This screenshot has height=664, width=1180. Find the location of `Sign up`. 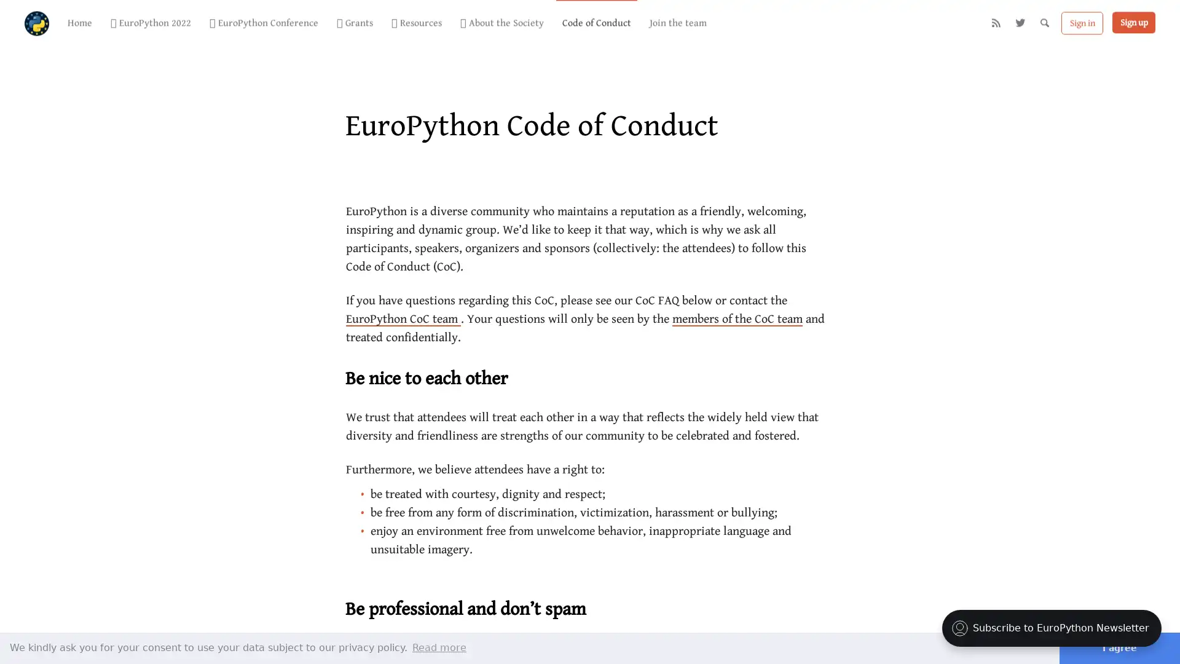

Sign up is located at coordinates (1133, 23).